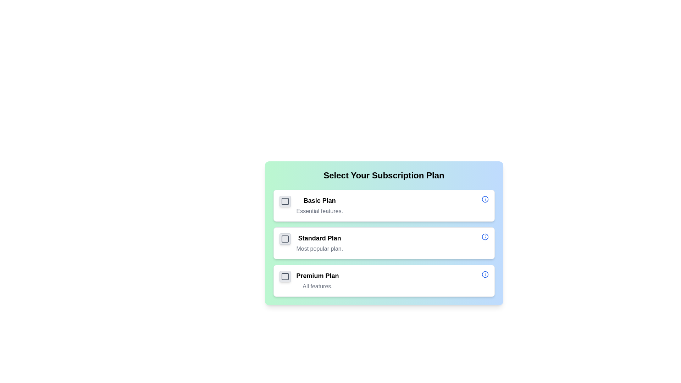 The width and height of the screenshot is (681, 383). What do you see at coordinates (285, 239) in the screenshot?
I see `the Checkbox indicator located to the left of the 'Standard Plan' subscription option to receive focus feedback` at bounding box center [285, 239].